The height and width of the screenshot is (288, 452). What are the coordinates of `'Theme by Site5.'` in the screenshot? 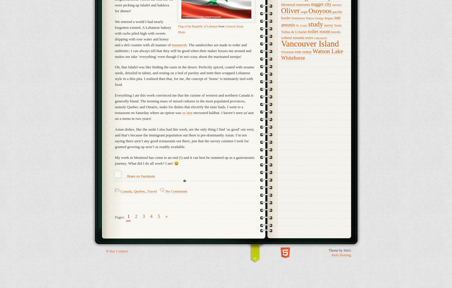 It's located at (328, 250).